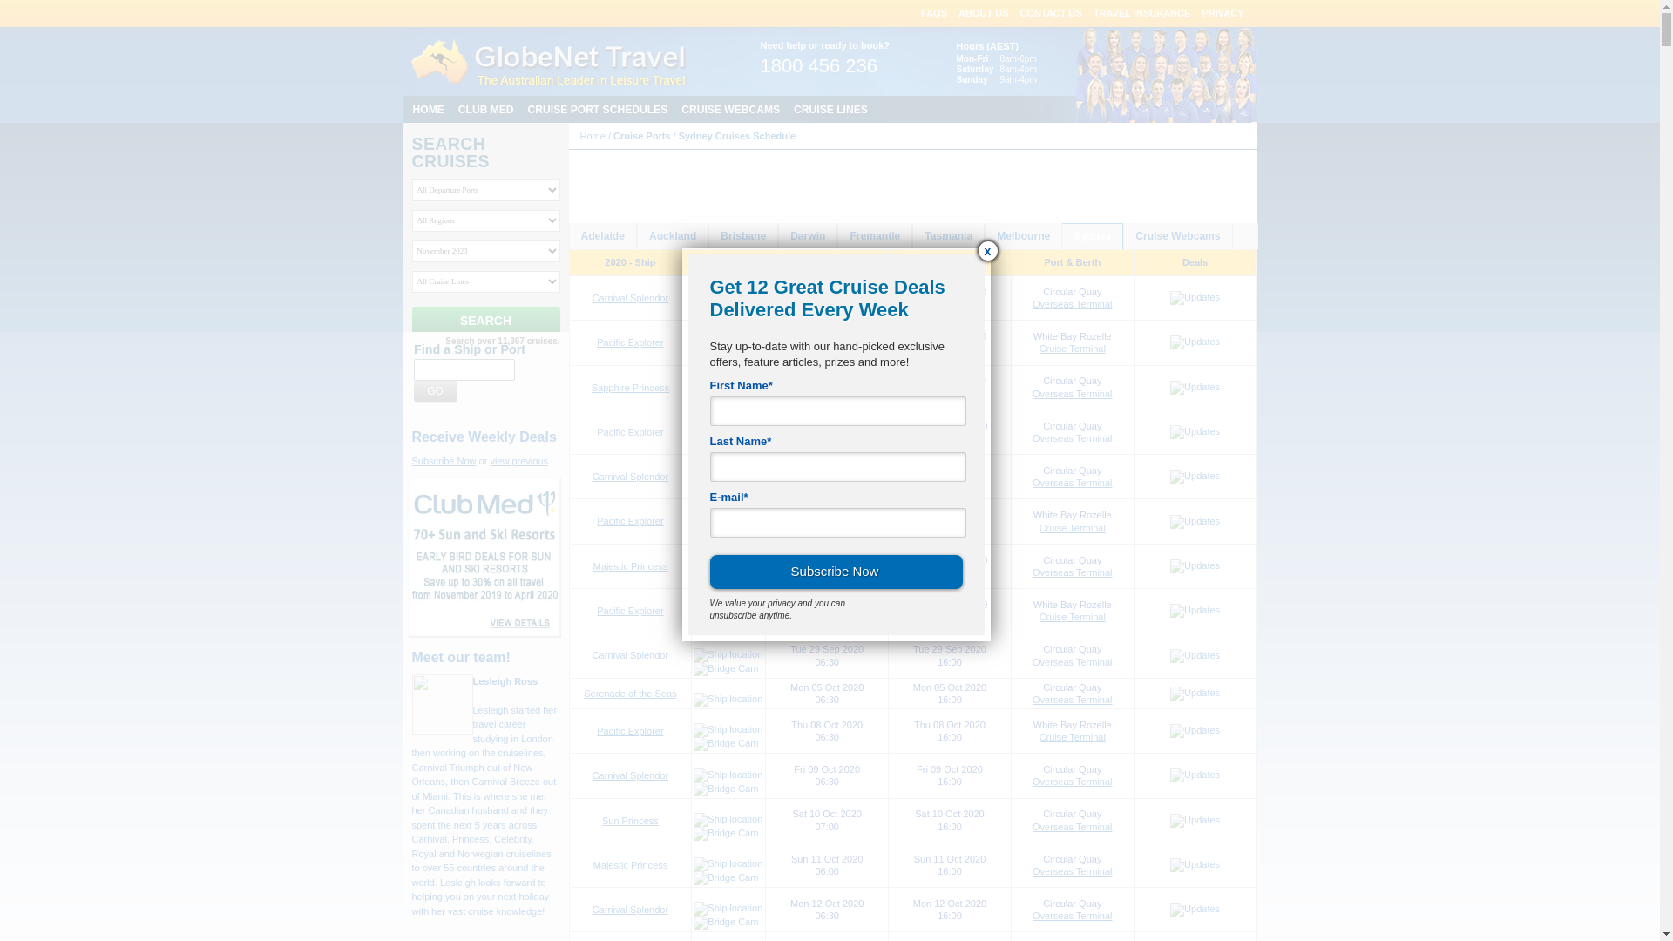 This screenshot has height=941, width=1673. I want to click on 'Subscribe Now', so click(709, 572).